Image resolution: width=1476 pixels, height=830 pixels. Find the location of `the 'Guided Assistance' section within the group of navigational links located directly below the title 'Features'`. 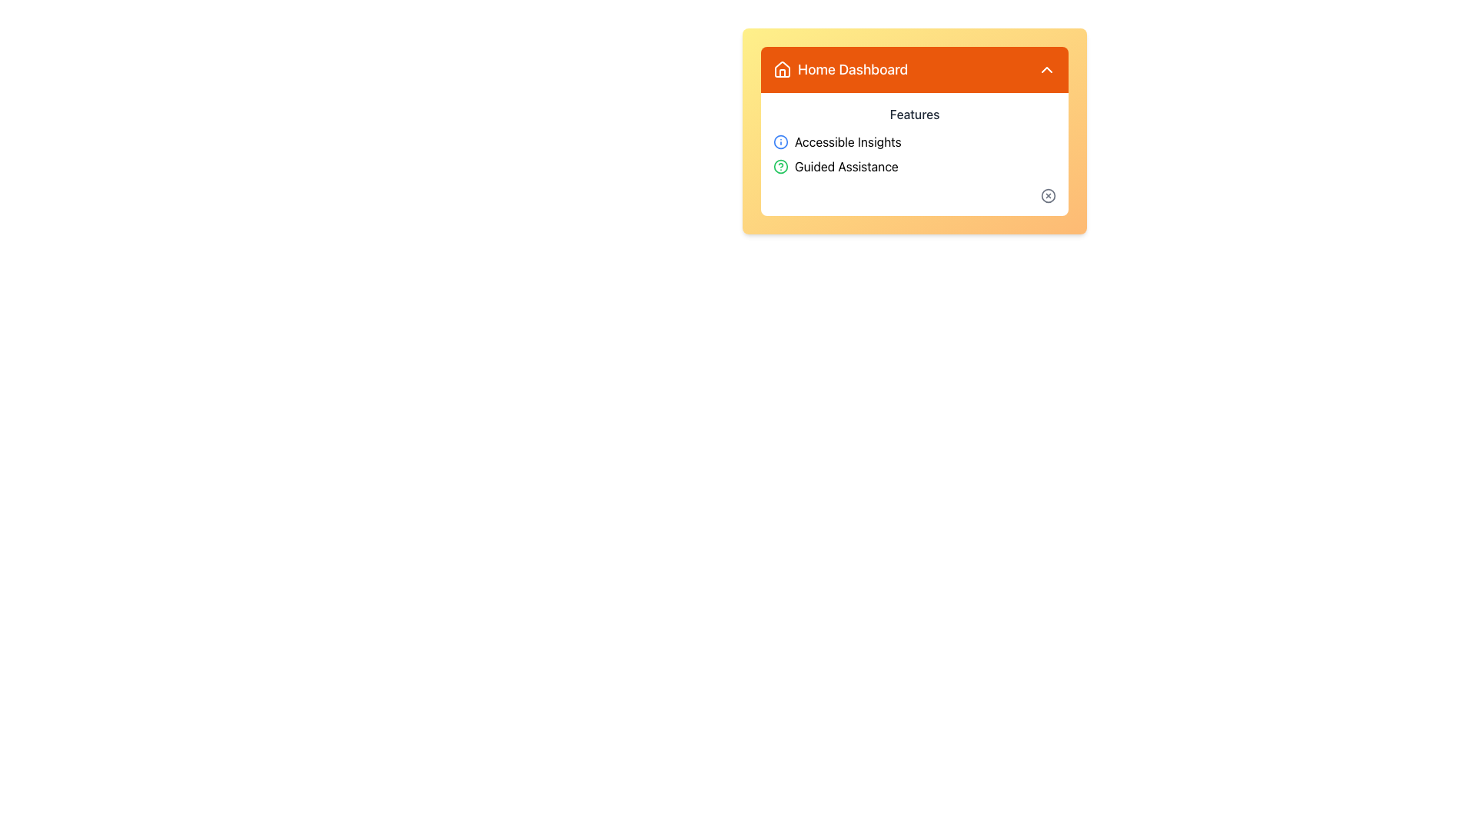

the 'Guided Assistance' section within the group of navigational links located directly below the title 'Features' is located at coordinates (915, 154).